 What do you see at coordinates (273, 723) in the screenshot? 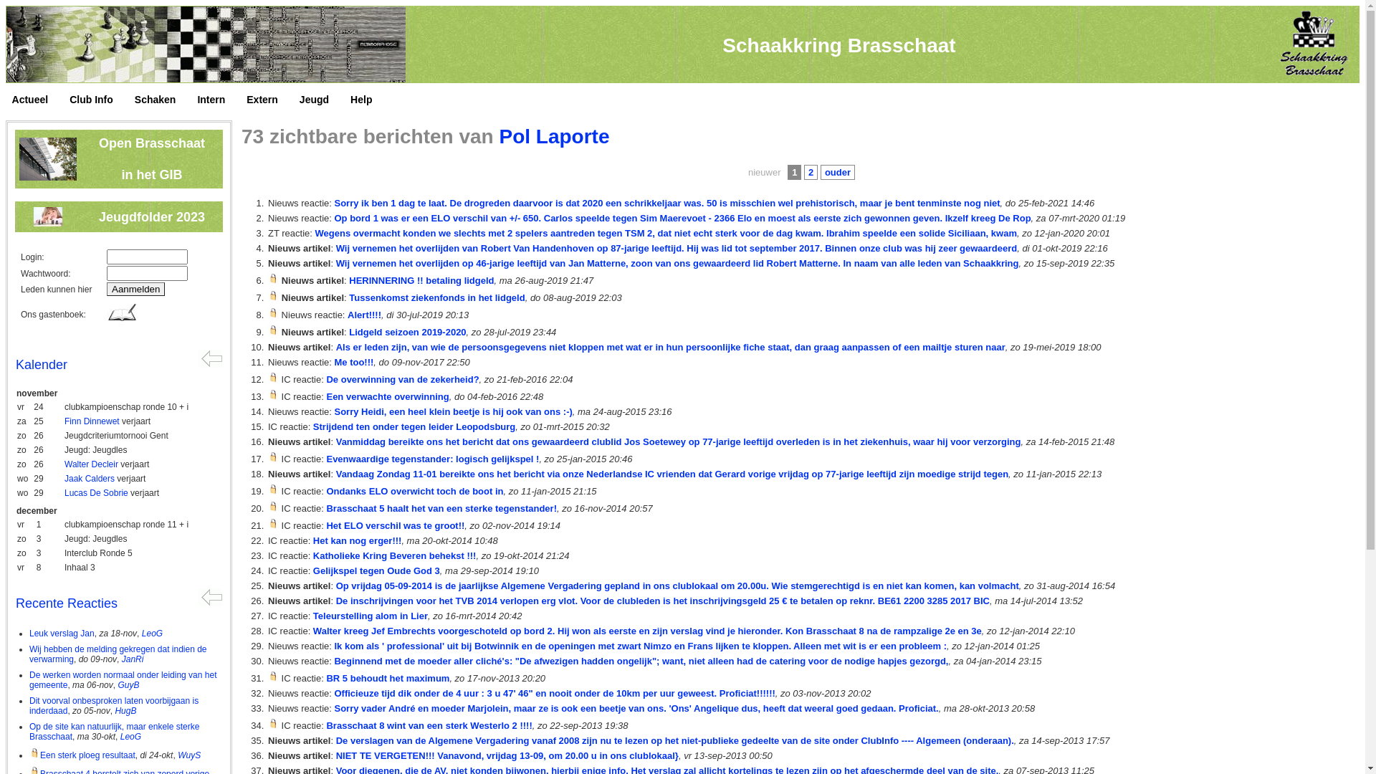
I see `'Enkel zichtbaar voor clubleden'` at bounding box center [273, 723].